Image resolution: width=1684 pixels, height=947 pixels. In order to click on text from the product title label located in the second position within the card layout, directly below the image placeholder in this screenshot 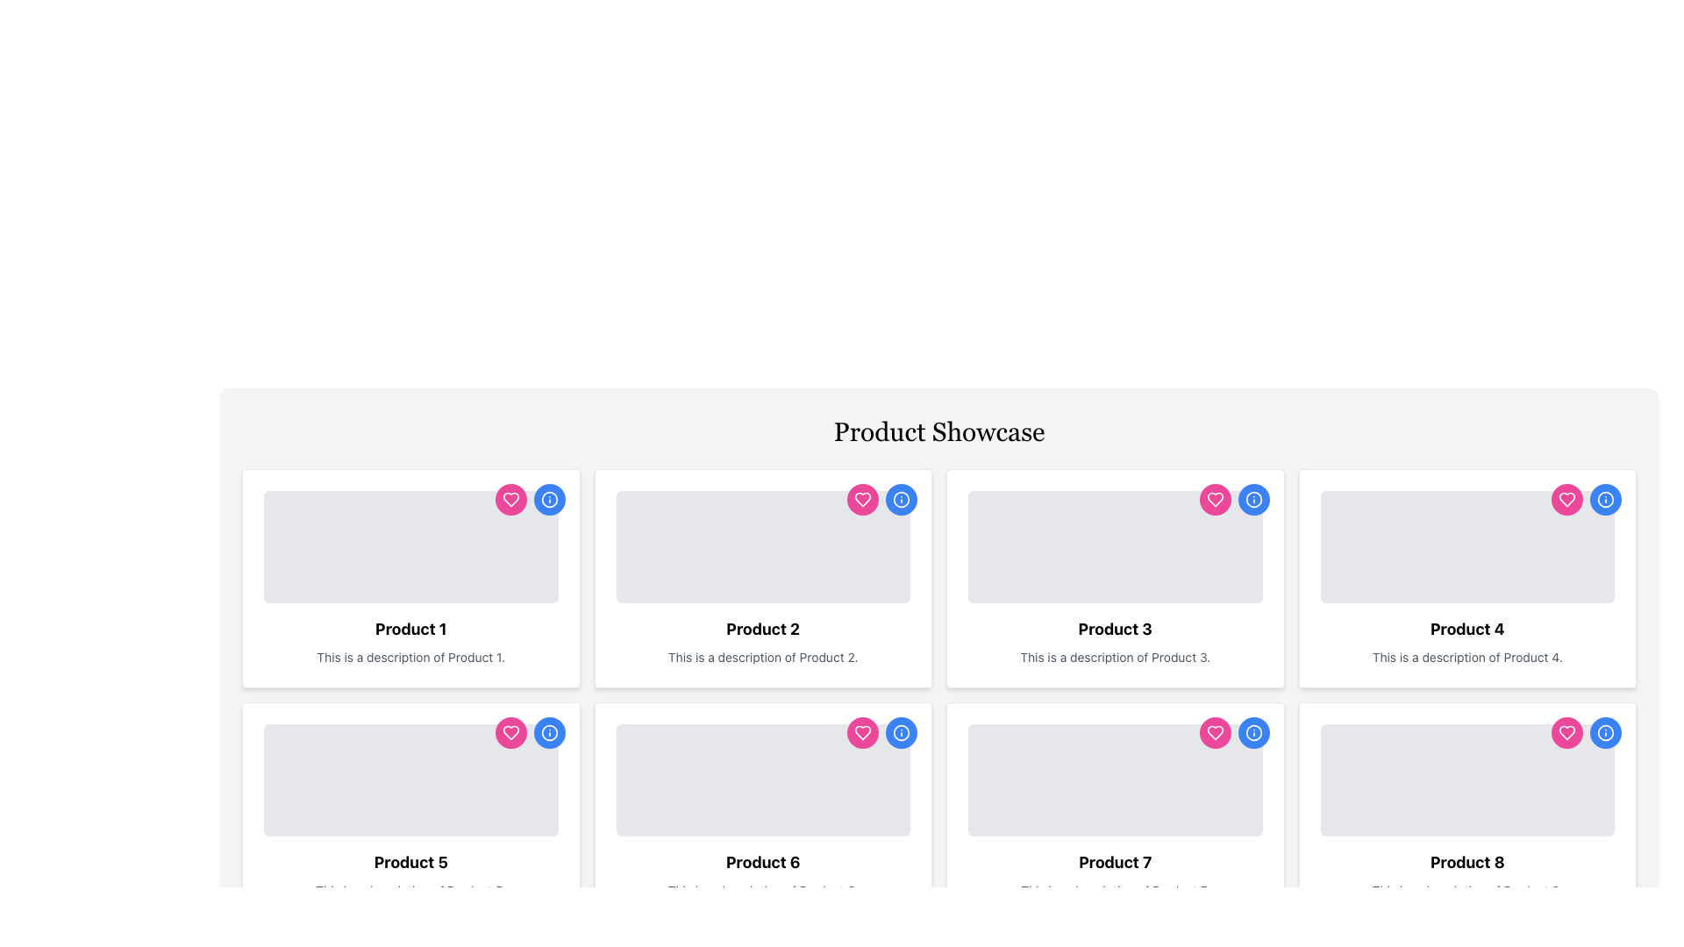, I will do `click(410, 628)`.